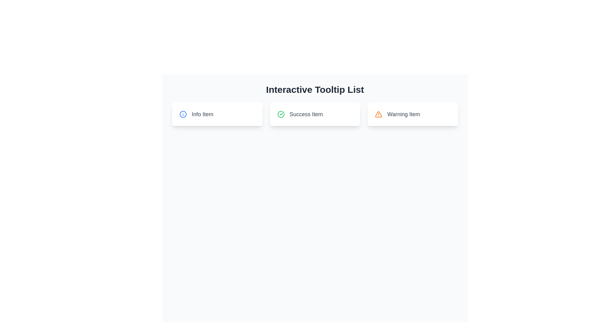 The image size is (591, 332). Describe the element at coordinates (217, 114) in the screenshot. I see `the Informational Tooltip Card located at the upper-left of the grid layout for interaction if enabled in future implementations` at that location.